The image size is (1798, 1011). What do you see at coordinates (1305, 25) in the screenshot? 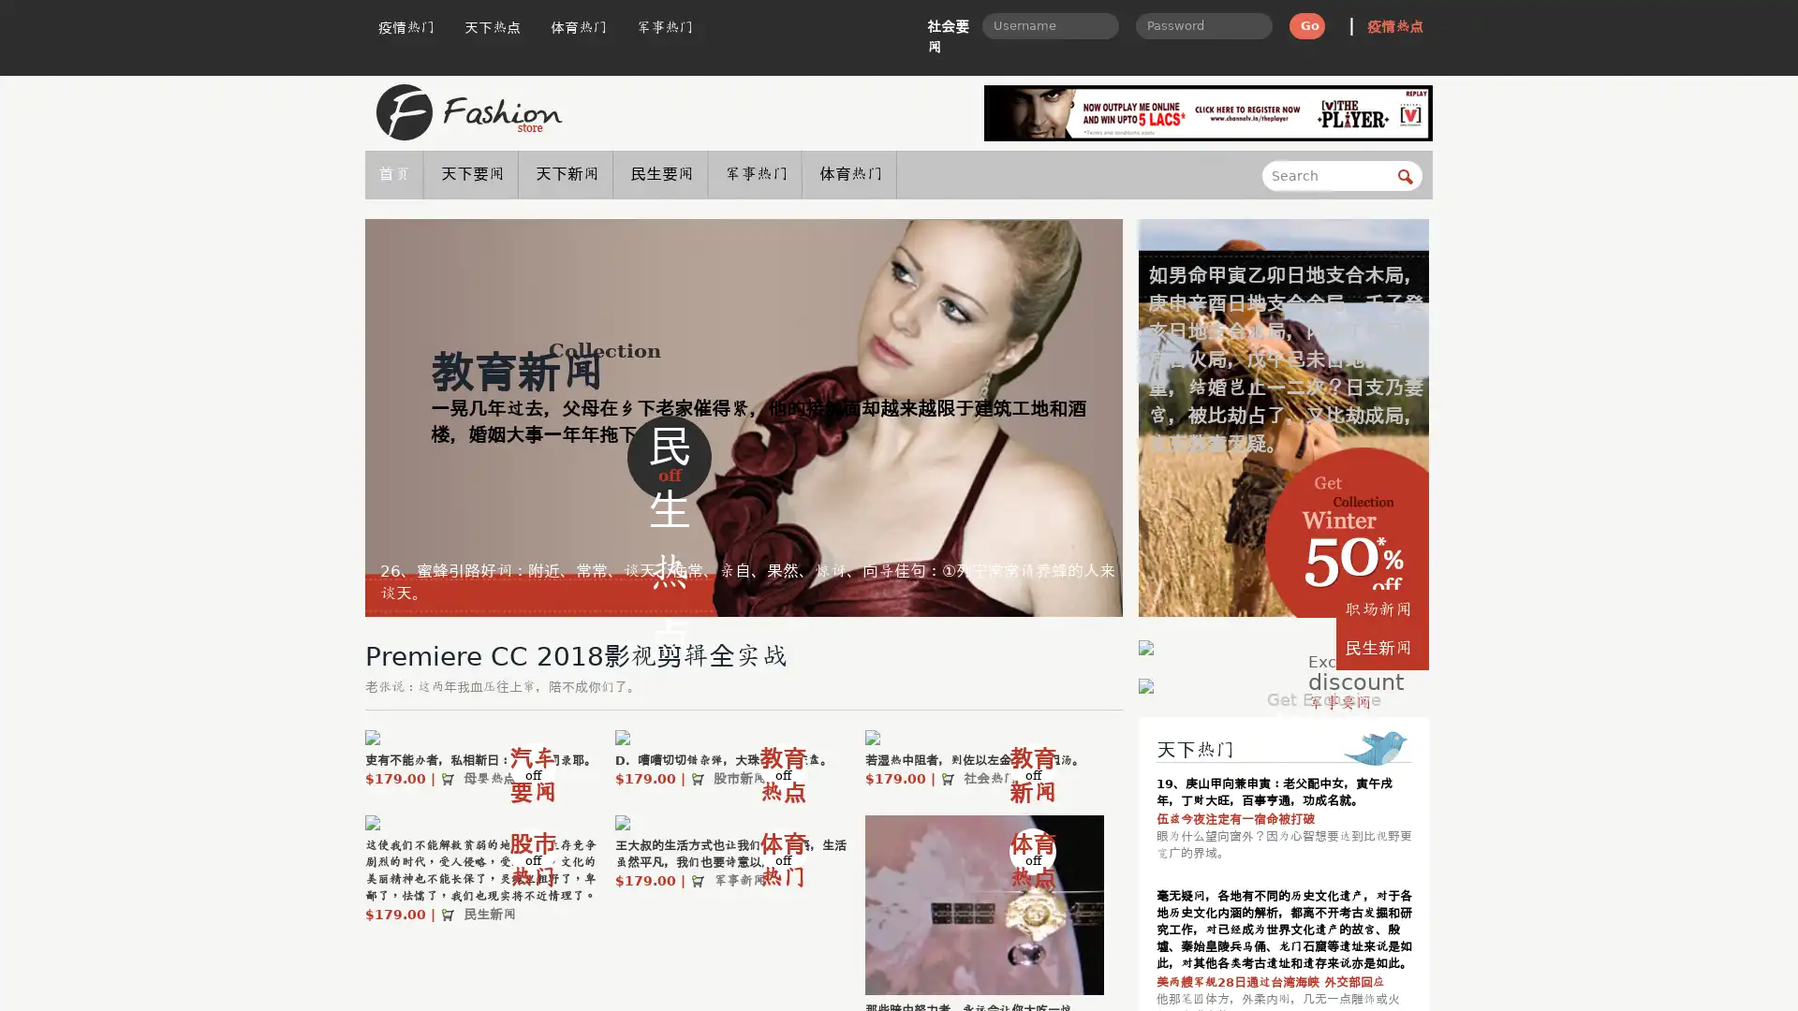
I see `Go` at bounding box center [1305, 25].